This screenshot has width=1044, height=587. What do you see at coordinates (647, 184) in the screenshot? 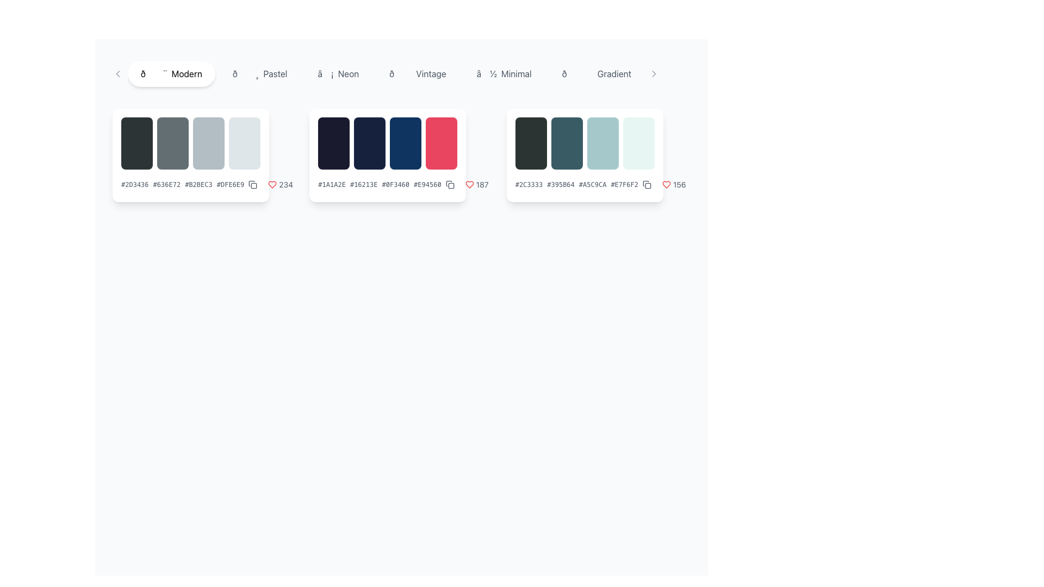
I see `the button with an icon resembling two overlapping squares located in the bottom-right section of the card` at bounding box center [647, 184].